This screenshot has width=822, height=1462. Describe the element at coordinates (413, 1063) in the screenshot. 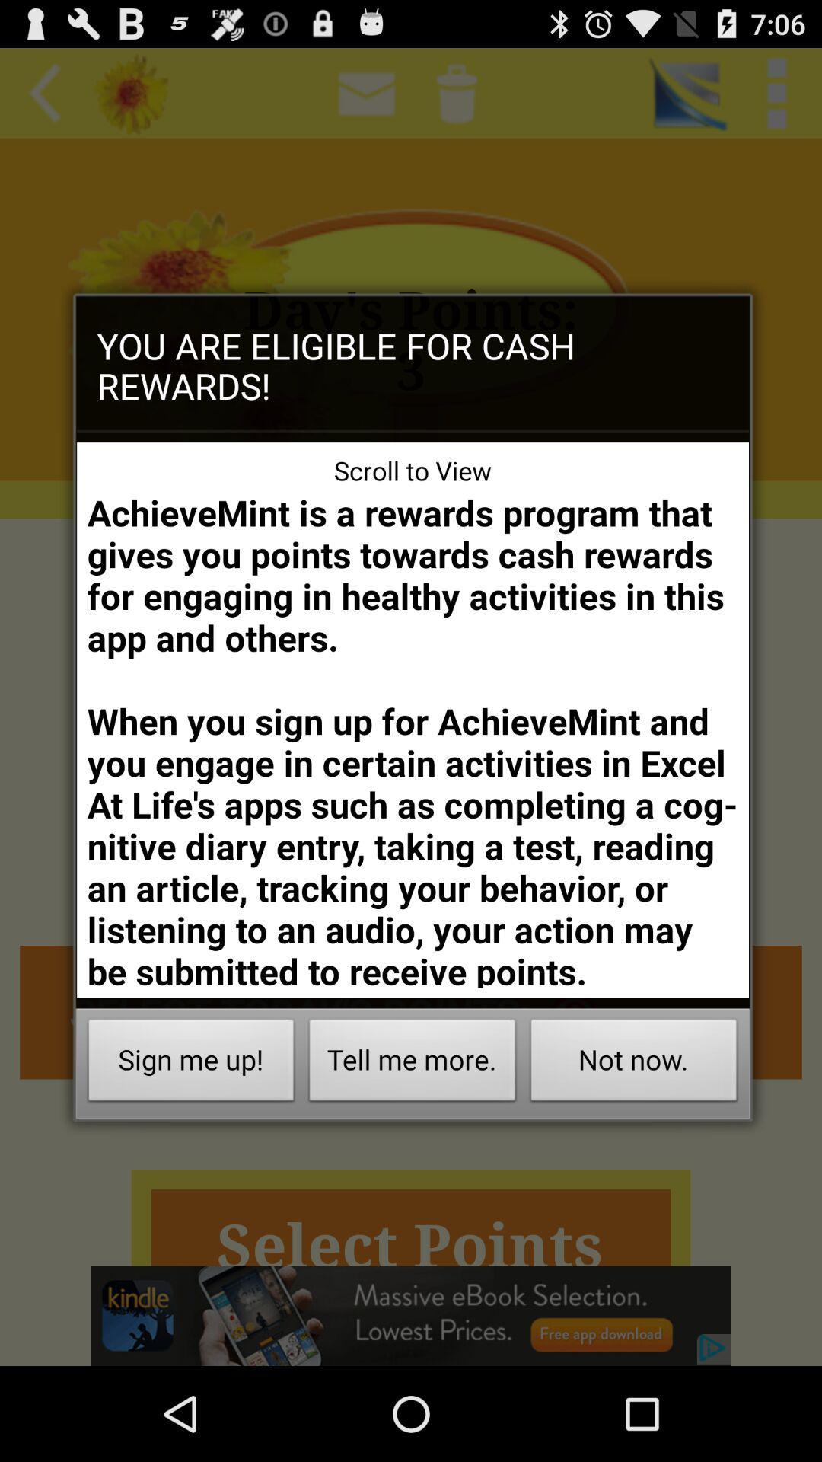

I see `the tell me more. at the bottom` at that location.